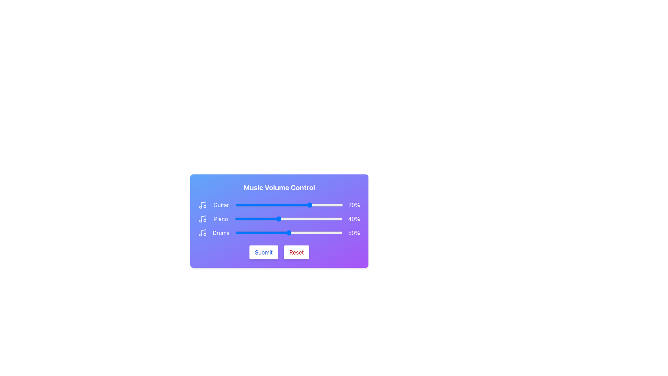 Image resolution: width=668 pixels, height=376 pixels. Describe the element at coordinates (354, 218) in the screenshot. I see `the text label that displays the current volume percentage (40%) for the 'Piano' slider, which is located to the far right of the piano volume control section` at that location.